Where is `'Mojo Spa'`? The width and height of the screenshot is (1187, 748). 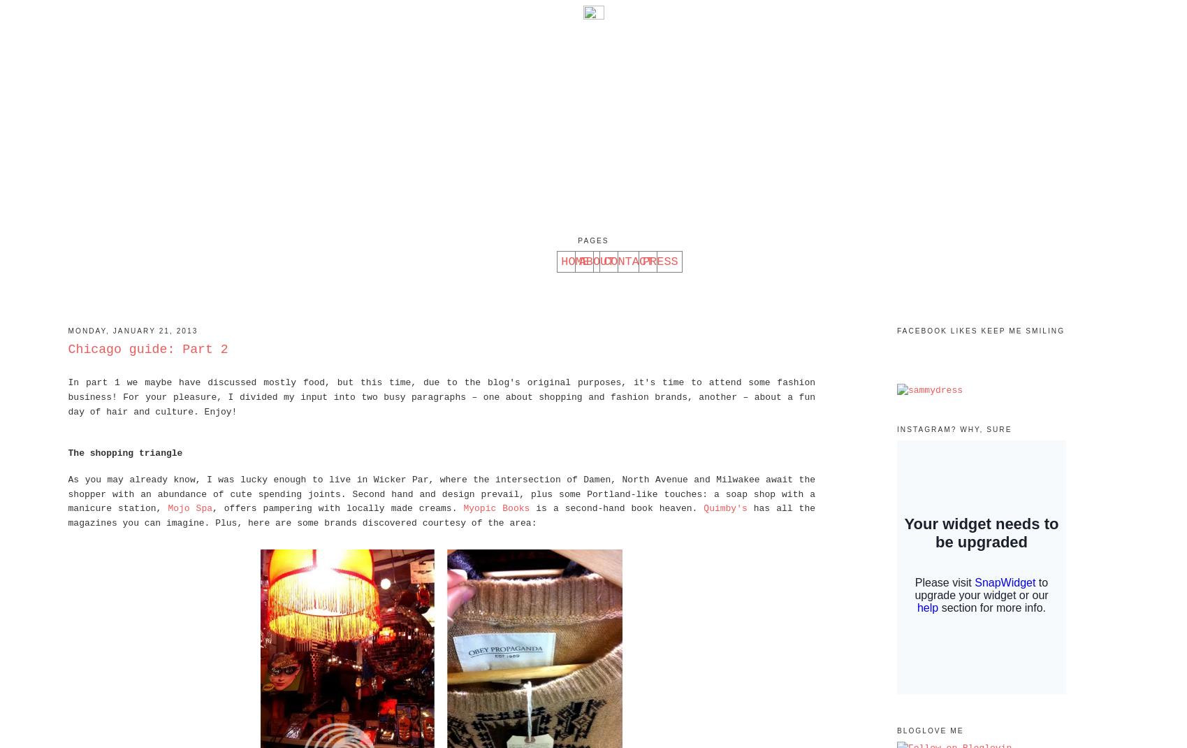 'Mojo Spa' is located at coordinates (190, 508).